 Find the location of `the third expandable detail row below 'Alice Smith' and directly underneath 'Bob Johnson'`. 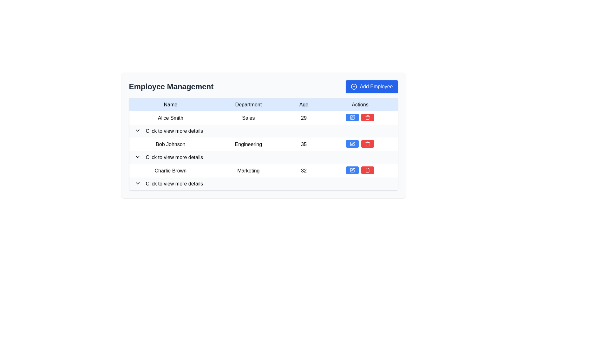

the third expandable detail row below 'Alice Smith' and directly underneath 'Bob Johnson' is located at coordinates (263, 157).